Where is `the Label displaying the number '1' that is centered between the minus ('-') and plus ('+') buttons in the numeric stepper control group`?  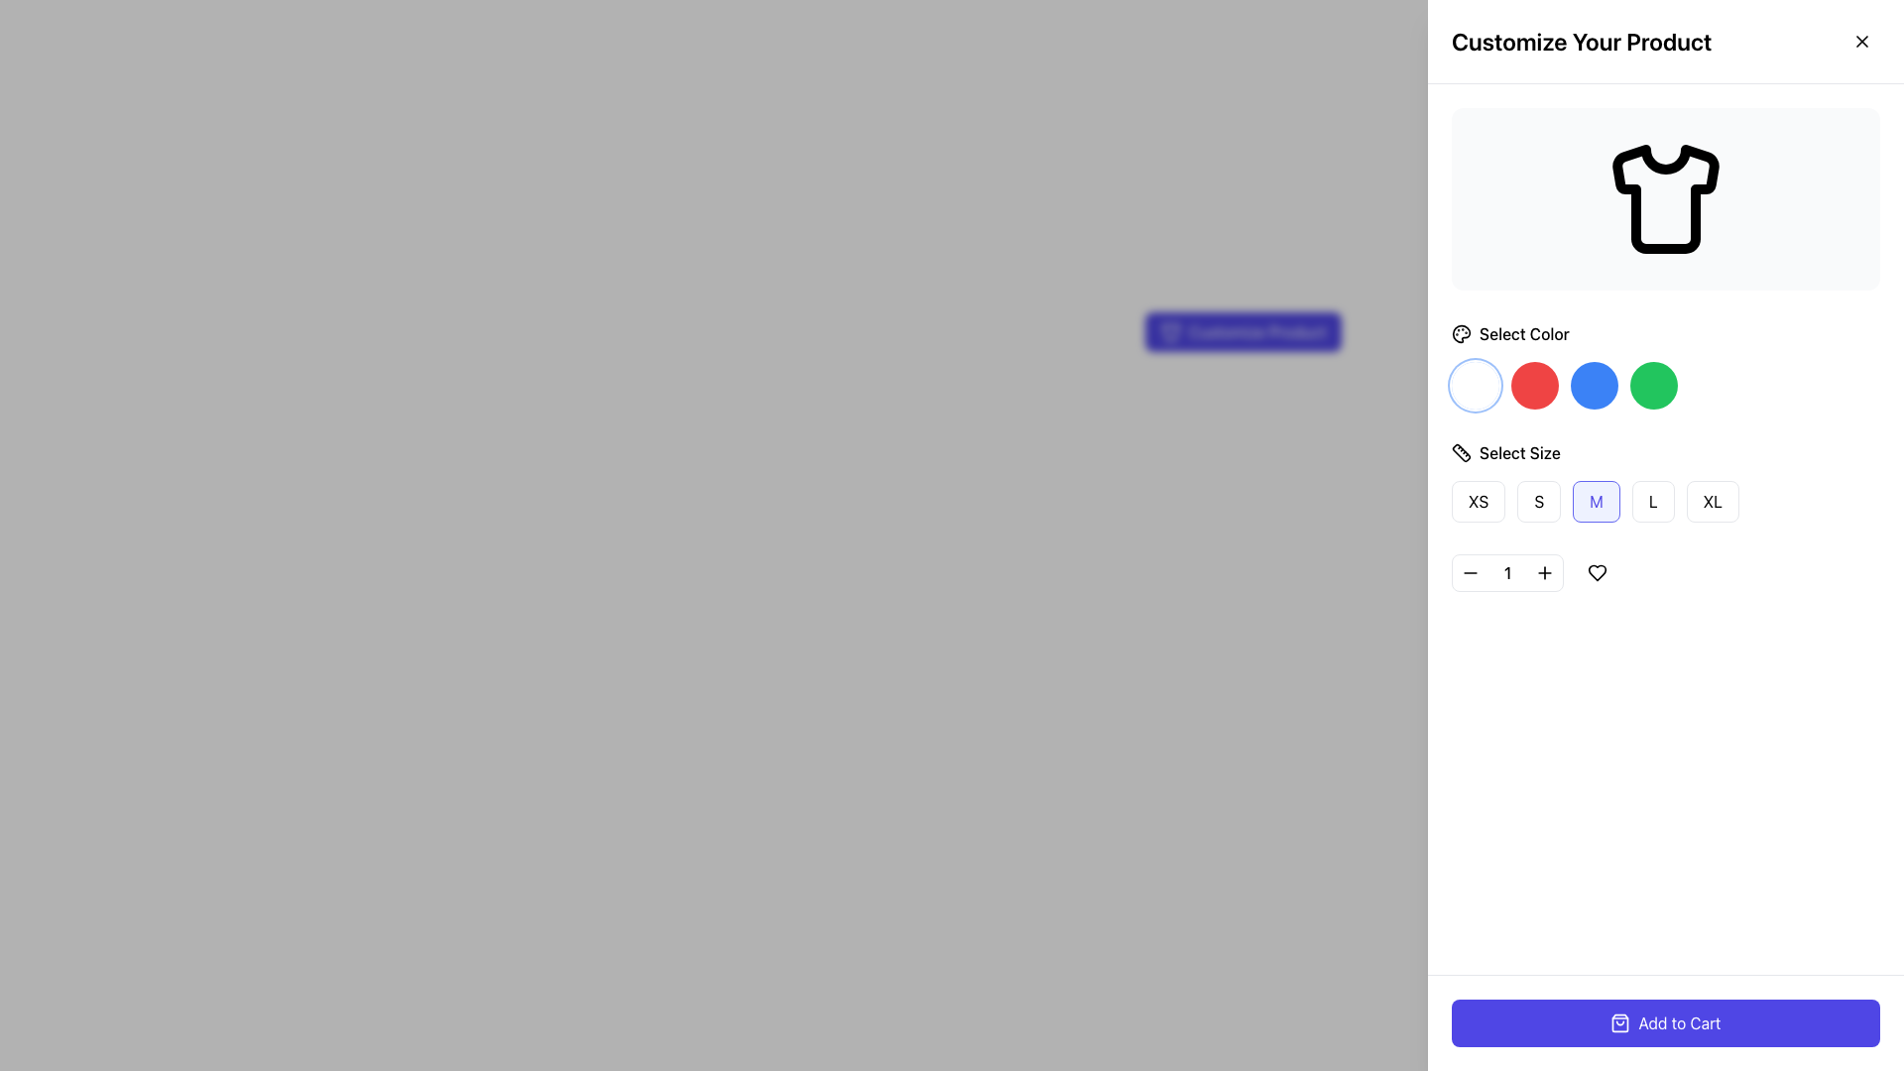 the Label displaying the number '1' that is centered between the minus ('-') and plus ('+') buttons in the numeric stepper control group is located at coordinates (1507, 573).